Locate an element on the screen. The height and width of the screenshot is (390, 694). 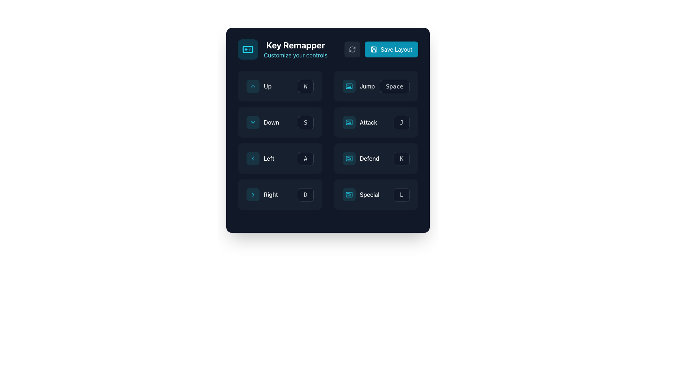
the 'Space' button, which is the second interactive button in the third row of the key mappings grid, adjacent to the 'Jump' label is located at coordinates (394, 86).